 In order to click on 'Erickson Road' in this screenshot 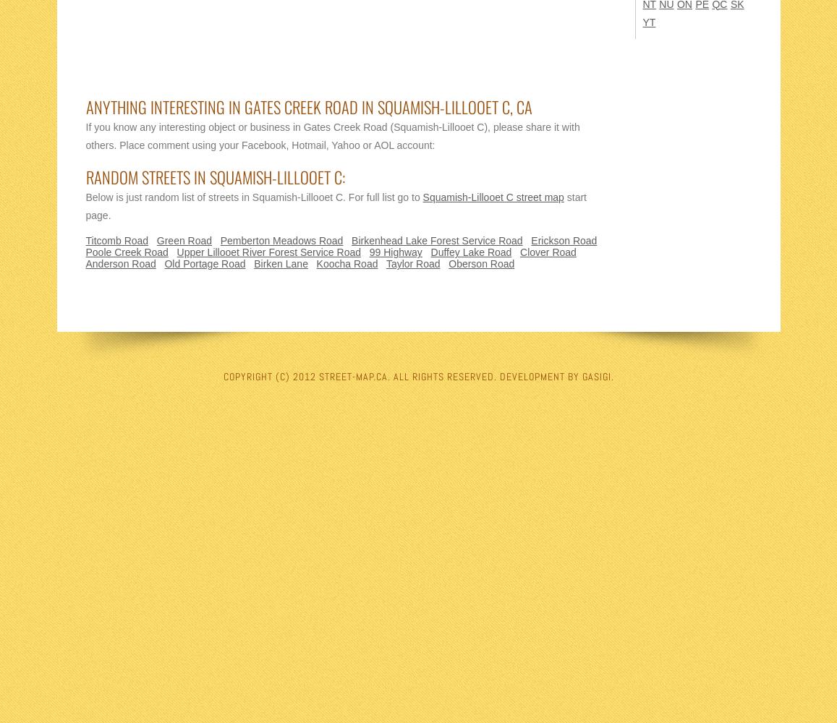, I will do `click(563, 240)`.